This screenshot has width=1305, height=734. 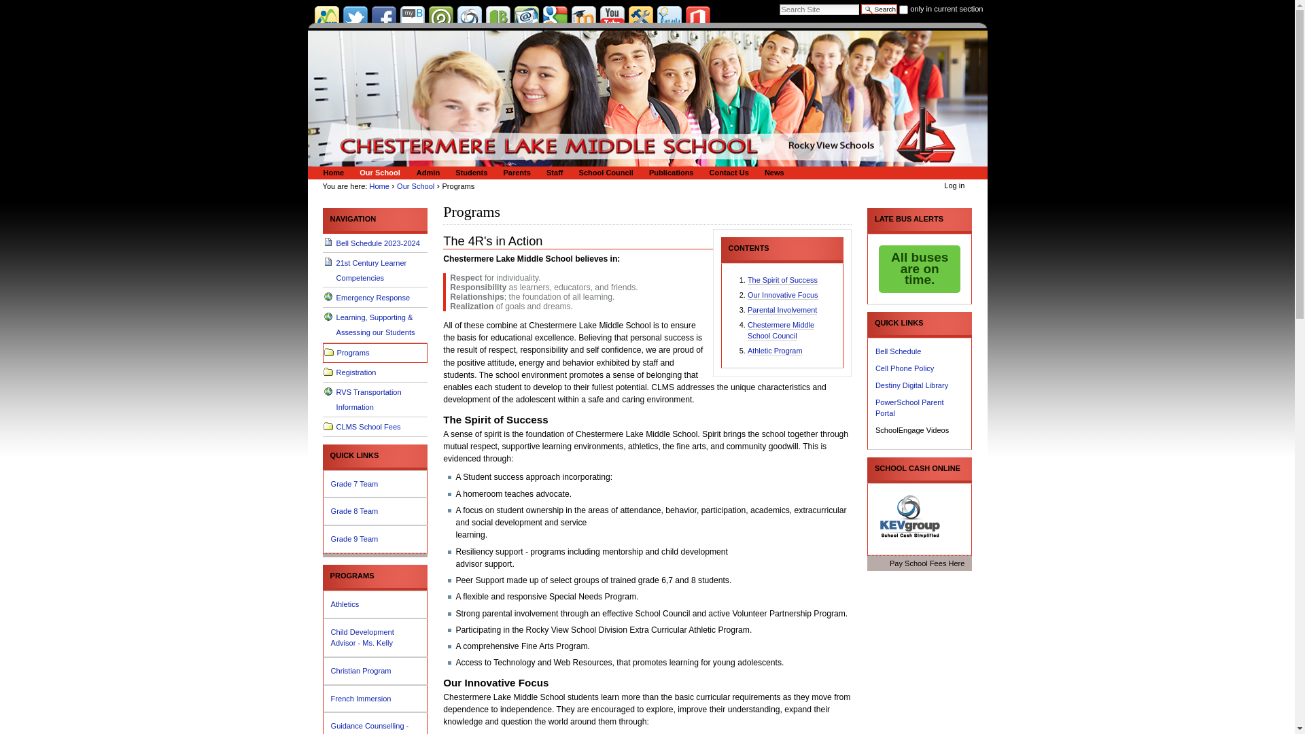 I want to click on 'Destiny Digital Library', so click(x=911, y=385).